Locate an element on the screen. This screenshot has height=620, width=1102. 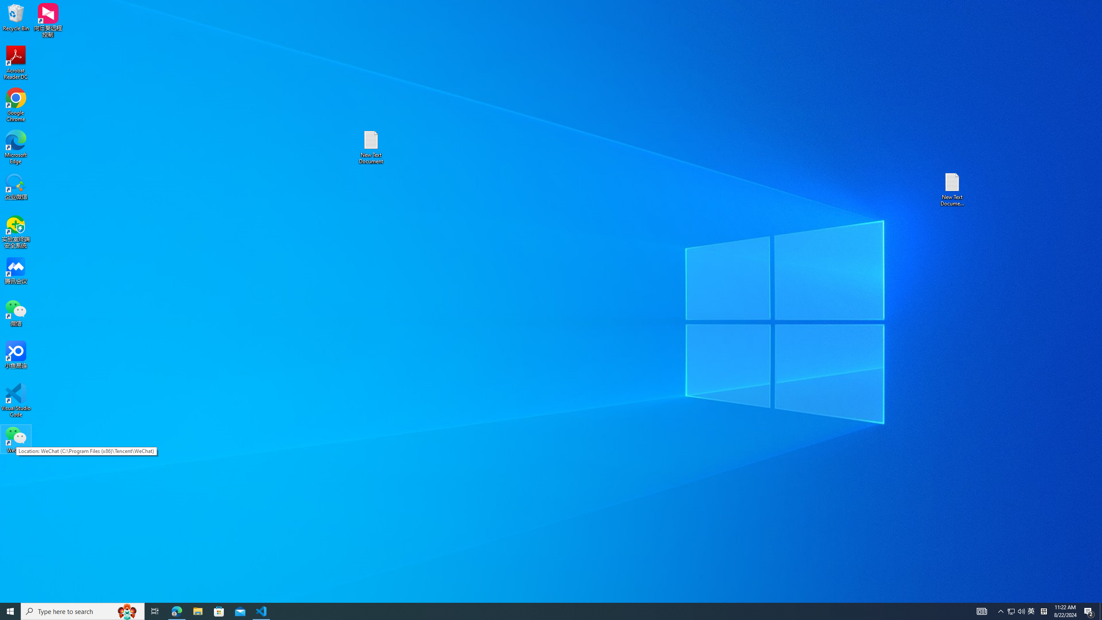
'AutomationID: 4105' is located at coordinates (981, 611).